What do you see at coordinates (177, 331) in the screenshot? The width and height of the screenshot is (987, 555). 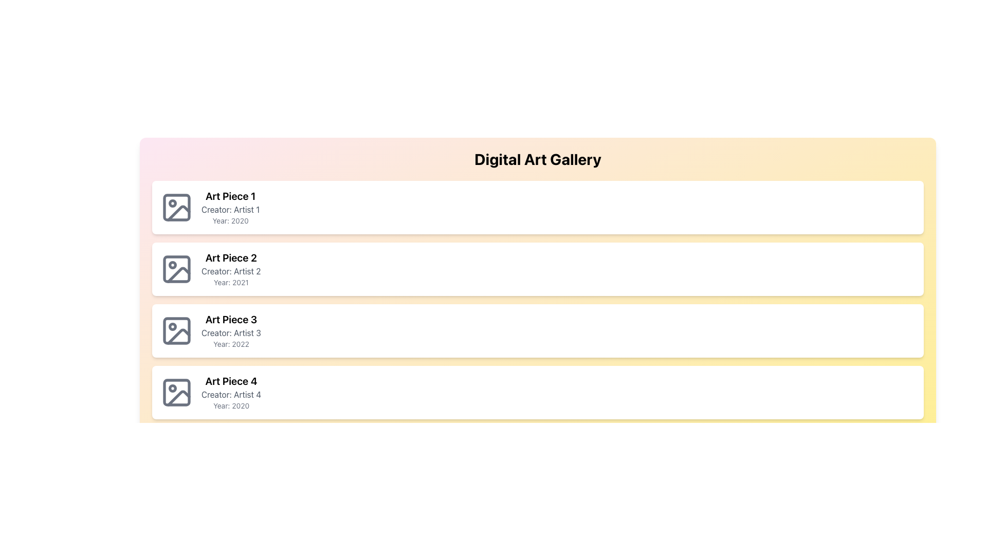 I see `the icon depicting an image placeholder, which features a square outline with rounded corners and a stylized mountain line, located in the 'Art Piece 3' section` at bounding box center [177, 331].